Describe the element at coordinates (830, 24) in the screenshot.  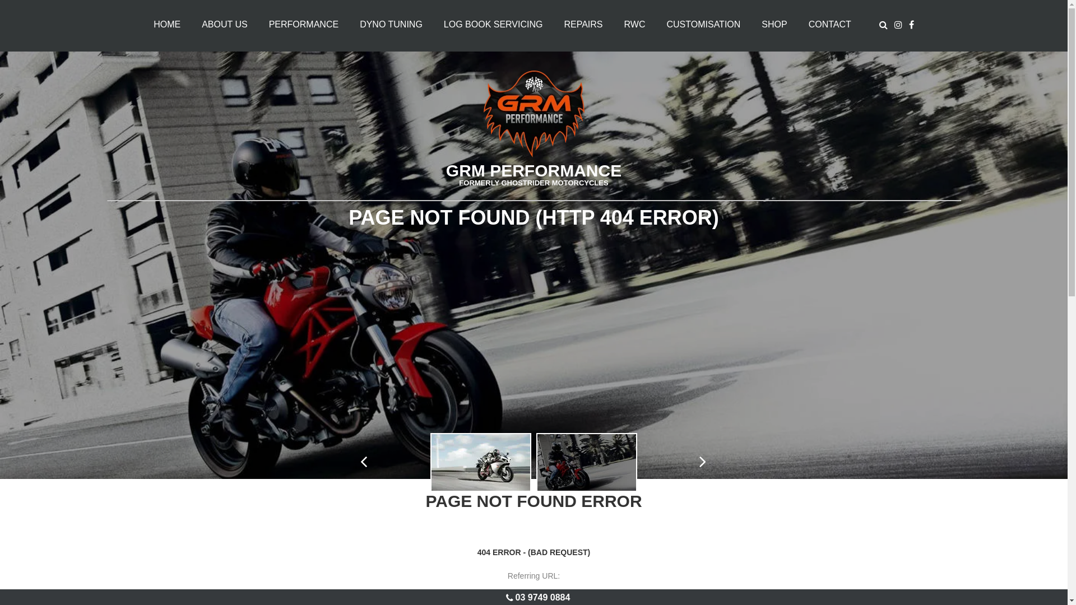
I see `'CONTACT'` at that location.